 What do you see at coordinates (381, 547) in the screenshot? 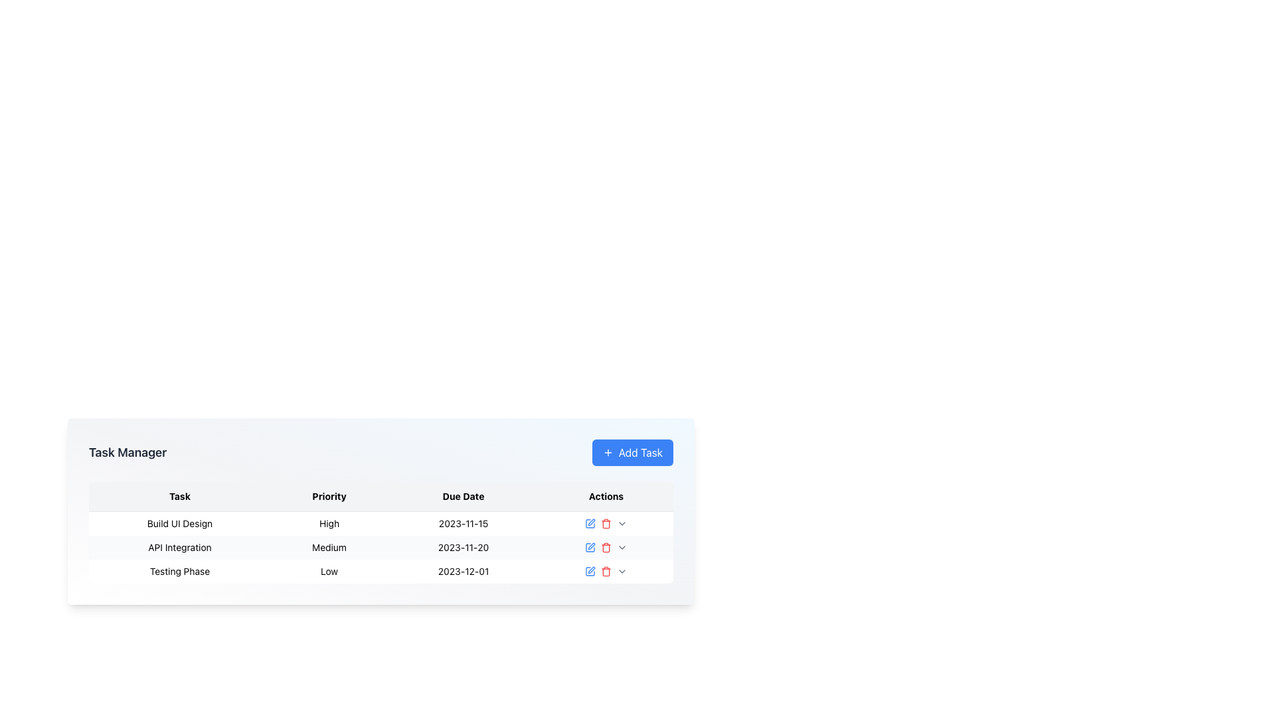
I see `task name and details from the second row of the task list table, which contains the task 'API Integration' with priority 'Medium' and due date '2023-11-20'` at bounding box center [381, 547].